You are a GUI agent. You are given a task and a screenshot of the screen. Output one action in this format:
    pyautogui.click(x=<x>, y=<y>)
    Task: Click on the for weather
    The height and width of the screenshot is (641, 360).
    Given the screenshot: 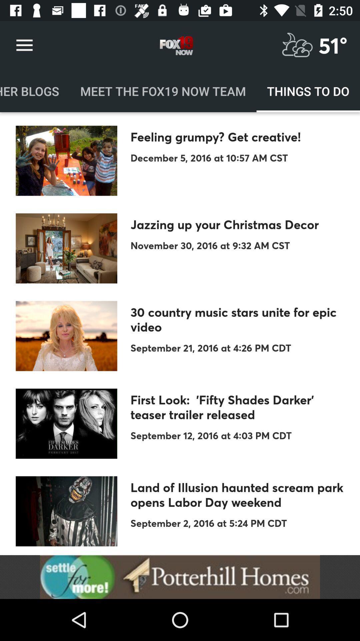 What is the action you would take?
    pyautogui.click(x=297, y=45)
    